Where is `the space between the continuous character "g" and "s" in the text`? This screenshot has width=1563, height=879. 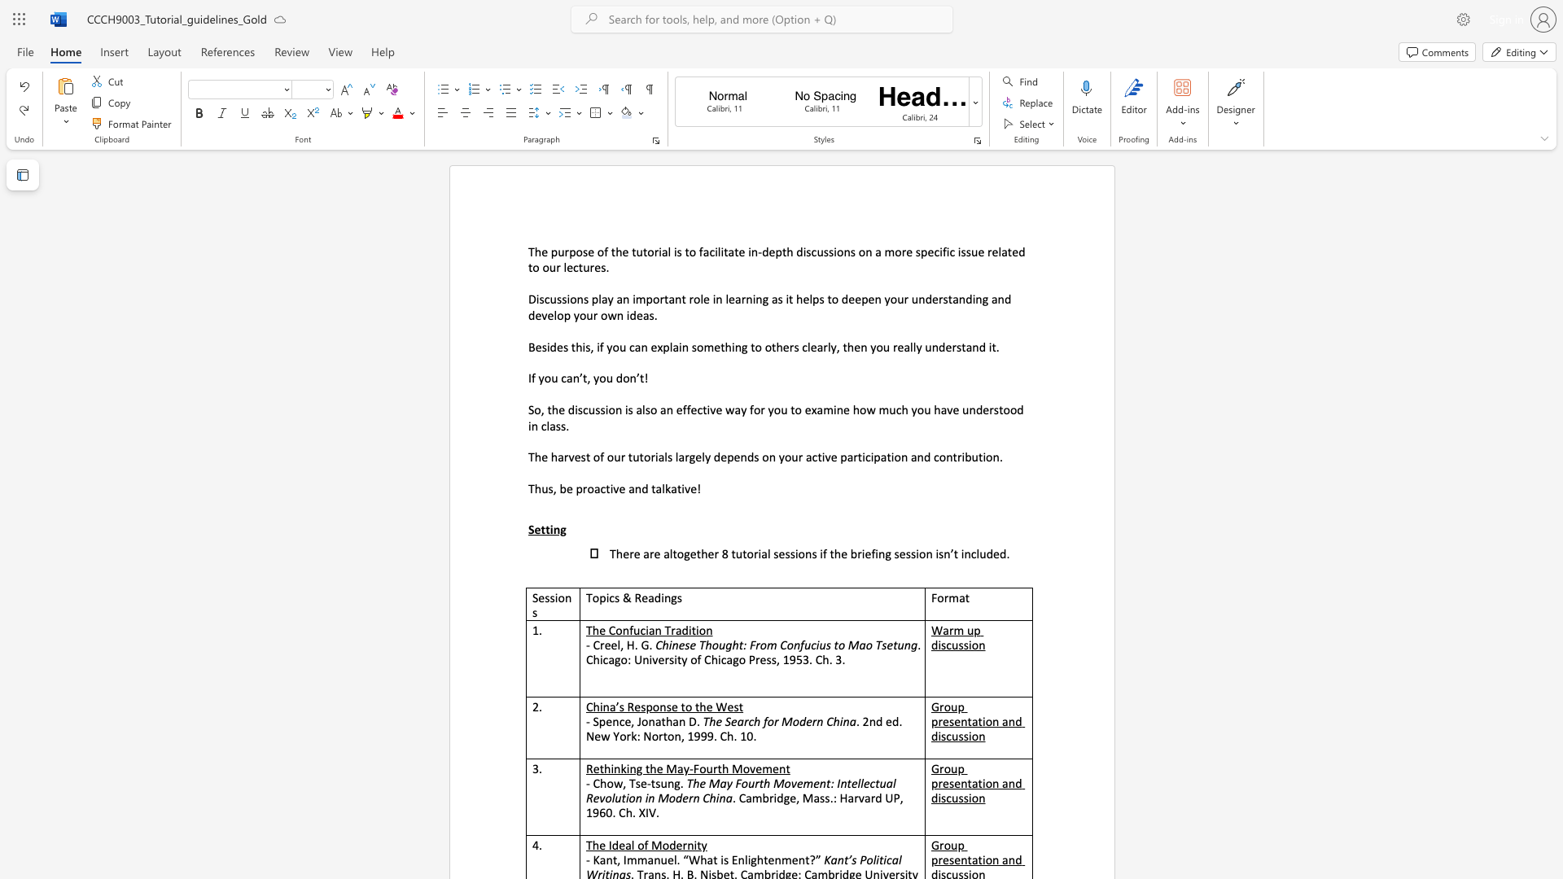
the space between the continuous character "g" and "s" in the text is located at coordinates (676, 597).